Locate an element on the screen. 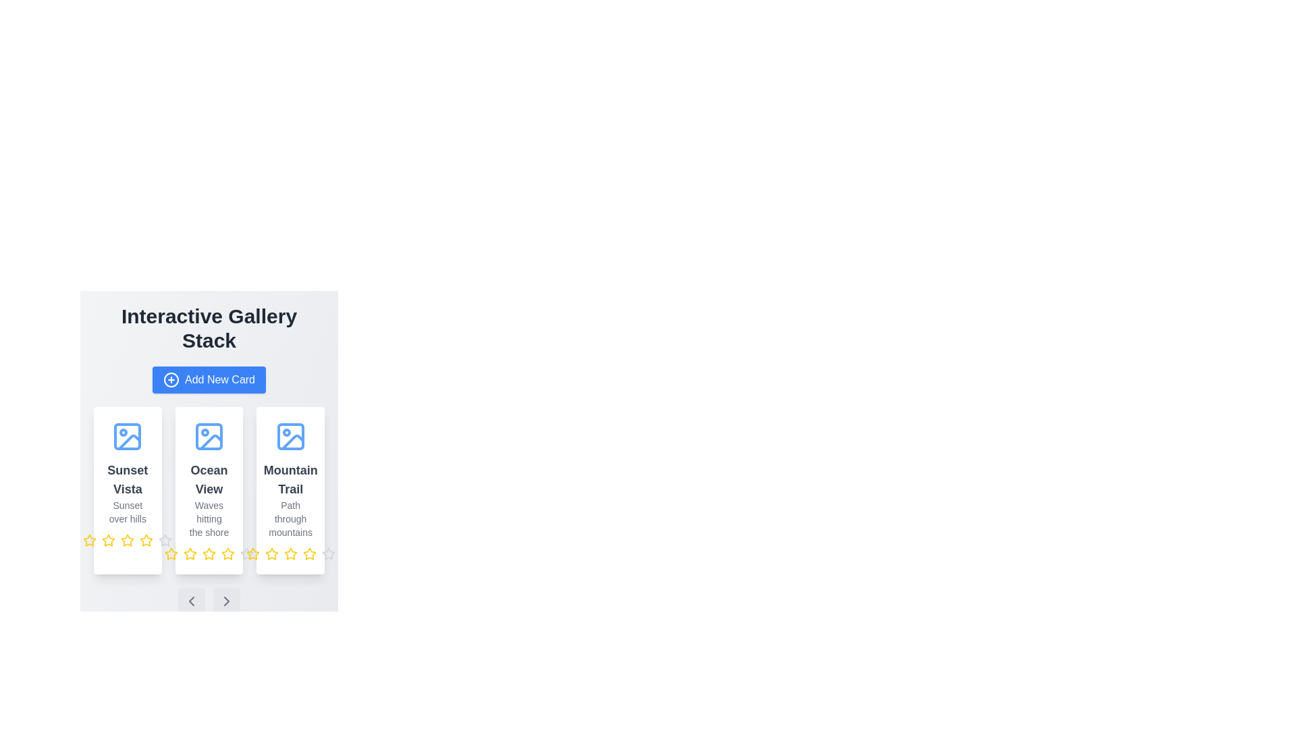  the first star in the rating system located under the 'Sunset Vista' card is located at coordinates (89, 540).